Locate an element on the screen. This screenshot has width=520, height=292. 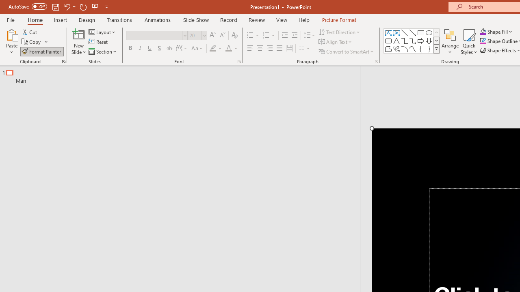
'Picture Format' is located at coordinates (339, 19).